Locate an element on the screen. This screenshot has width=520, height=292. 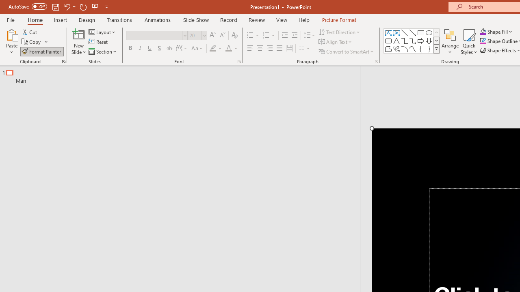
'Picture Format' is located at coordinates (339, 19).